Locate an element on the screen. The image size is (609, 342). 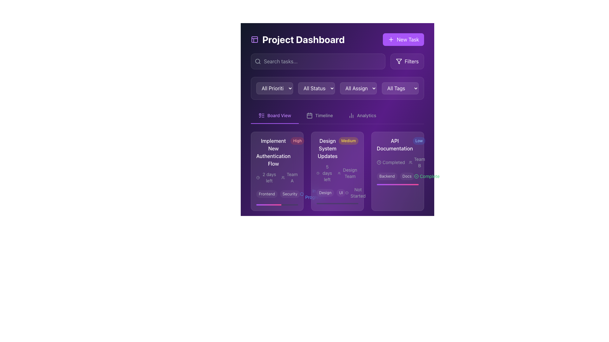
the content of the DevOps badge located to the right of the 'Backend' badge within the card titled 'API Documentation' is located at coordinates (409, 272).